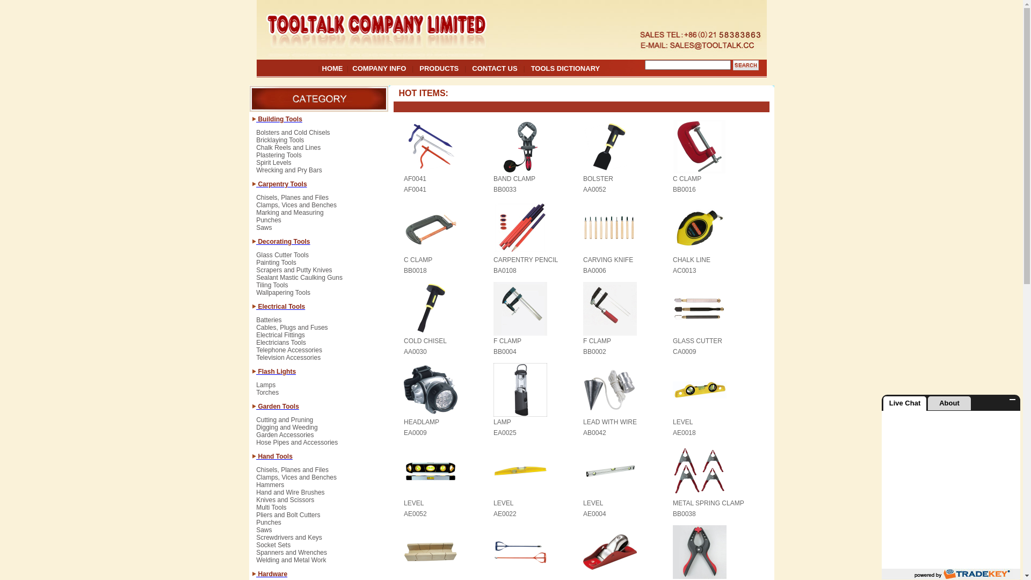 This screenshot has width=1031, height=580. What do you see at coordinates (597, 178) in the screenshot?
I see `'BOLSTER'` at bounding box center [597, 178].